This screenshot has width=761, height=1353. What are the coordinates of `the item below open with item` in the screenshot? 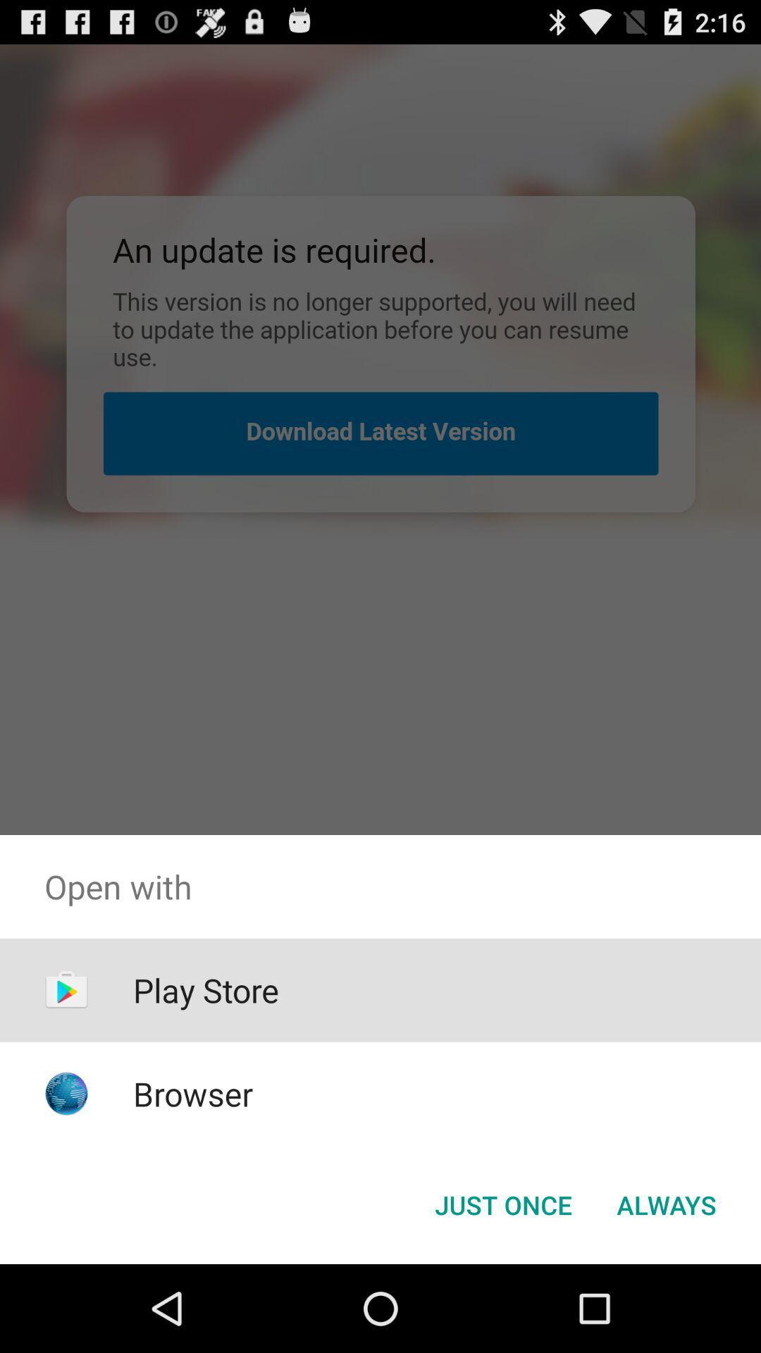 It's located at (206, 989).